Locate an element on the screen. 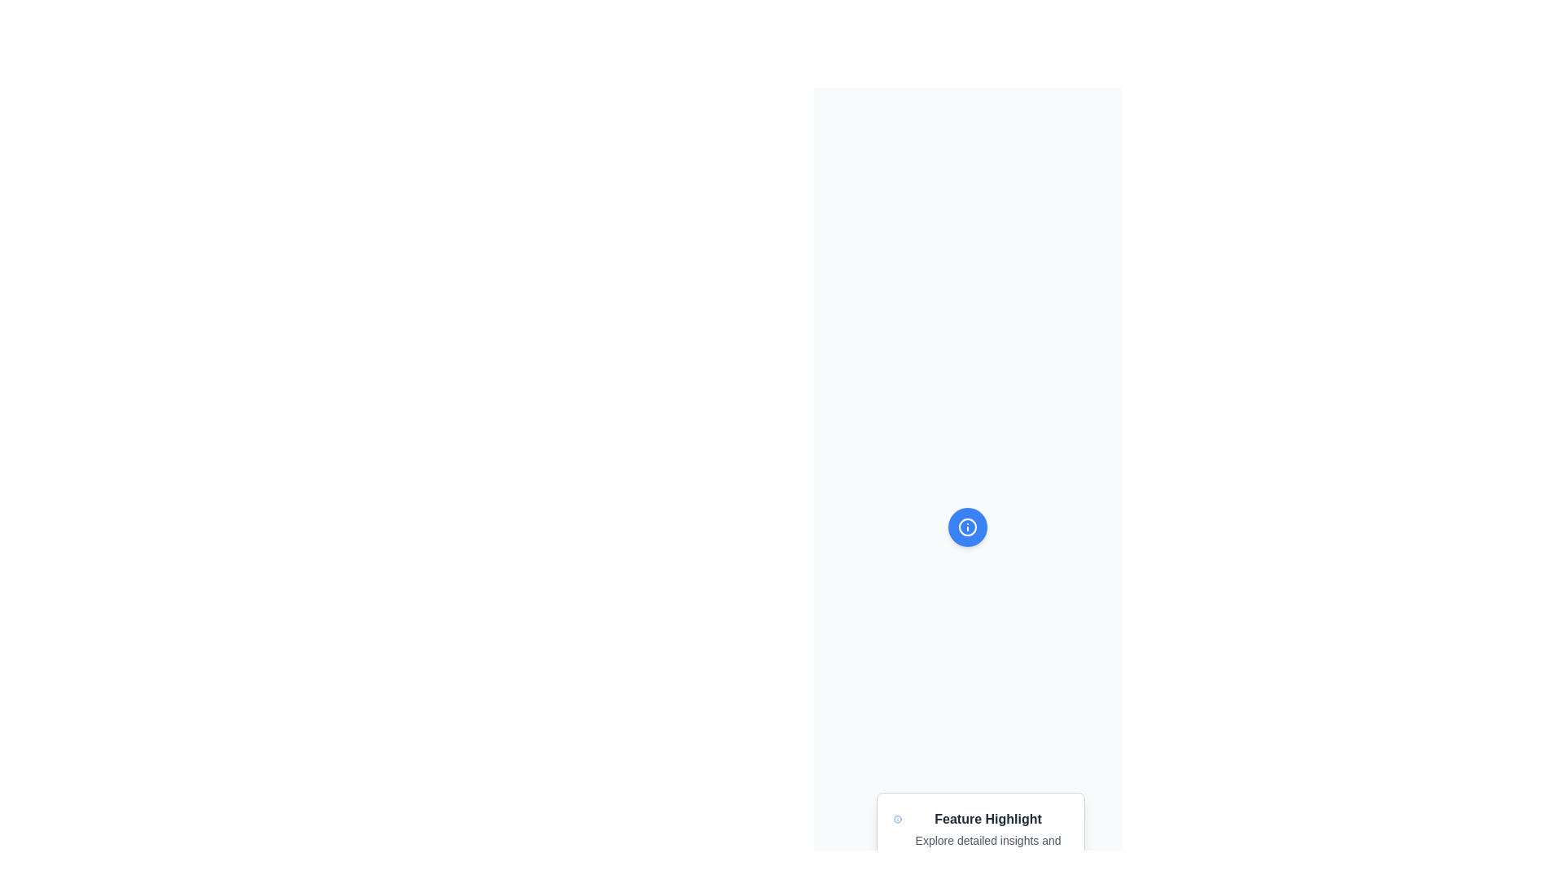 This screenshot has width=1563, height=879. the information indicator icon located at the top-left corner of the 'Feature Highlight' card, positioned to the left of the bold title text for additional details is located at coordinates (897, 819).